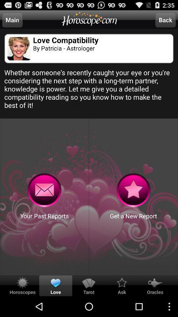  Describe the element at coordinates (44, 190) in the screenshot. I see `to view past reports` at that location.